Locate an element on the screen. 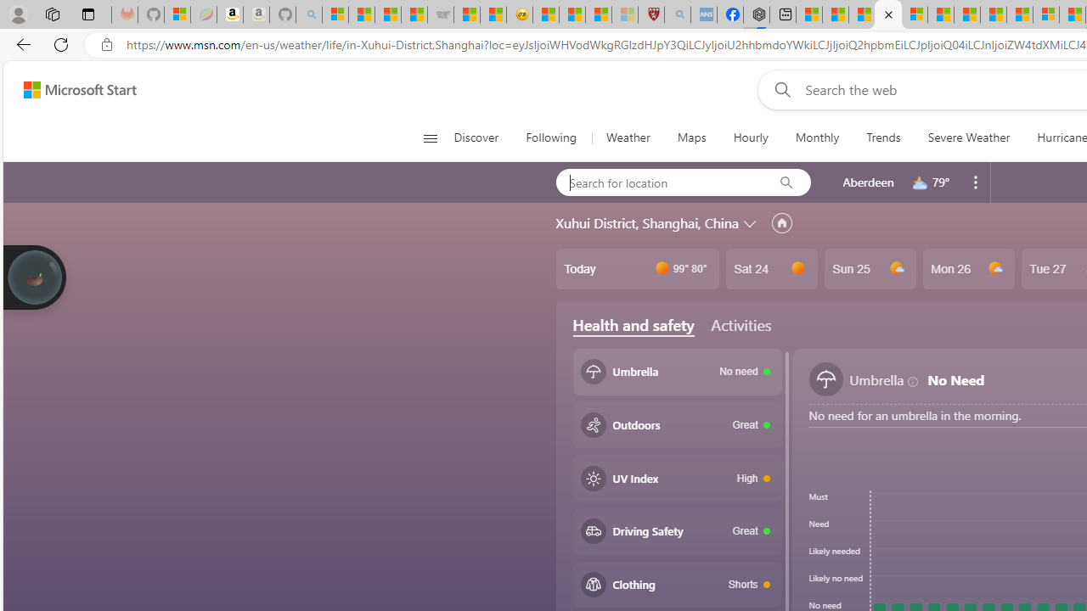 This screenshot has height=611, width=1087. 'Monthly' is located at coordinates (817, 137).